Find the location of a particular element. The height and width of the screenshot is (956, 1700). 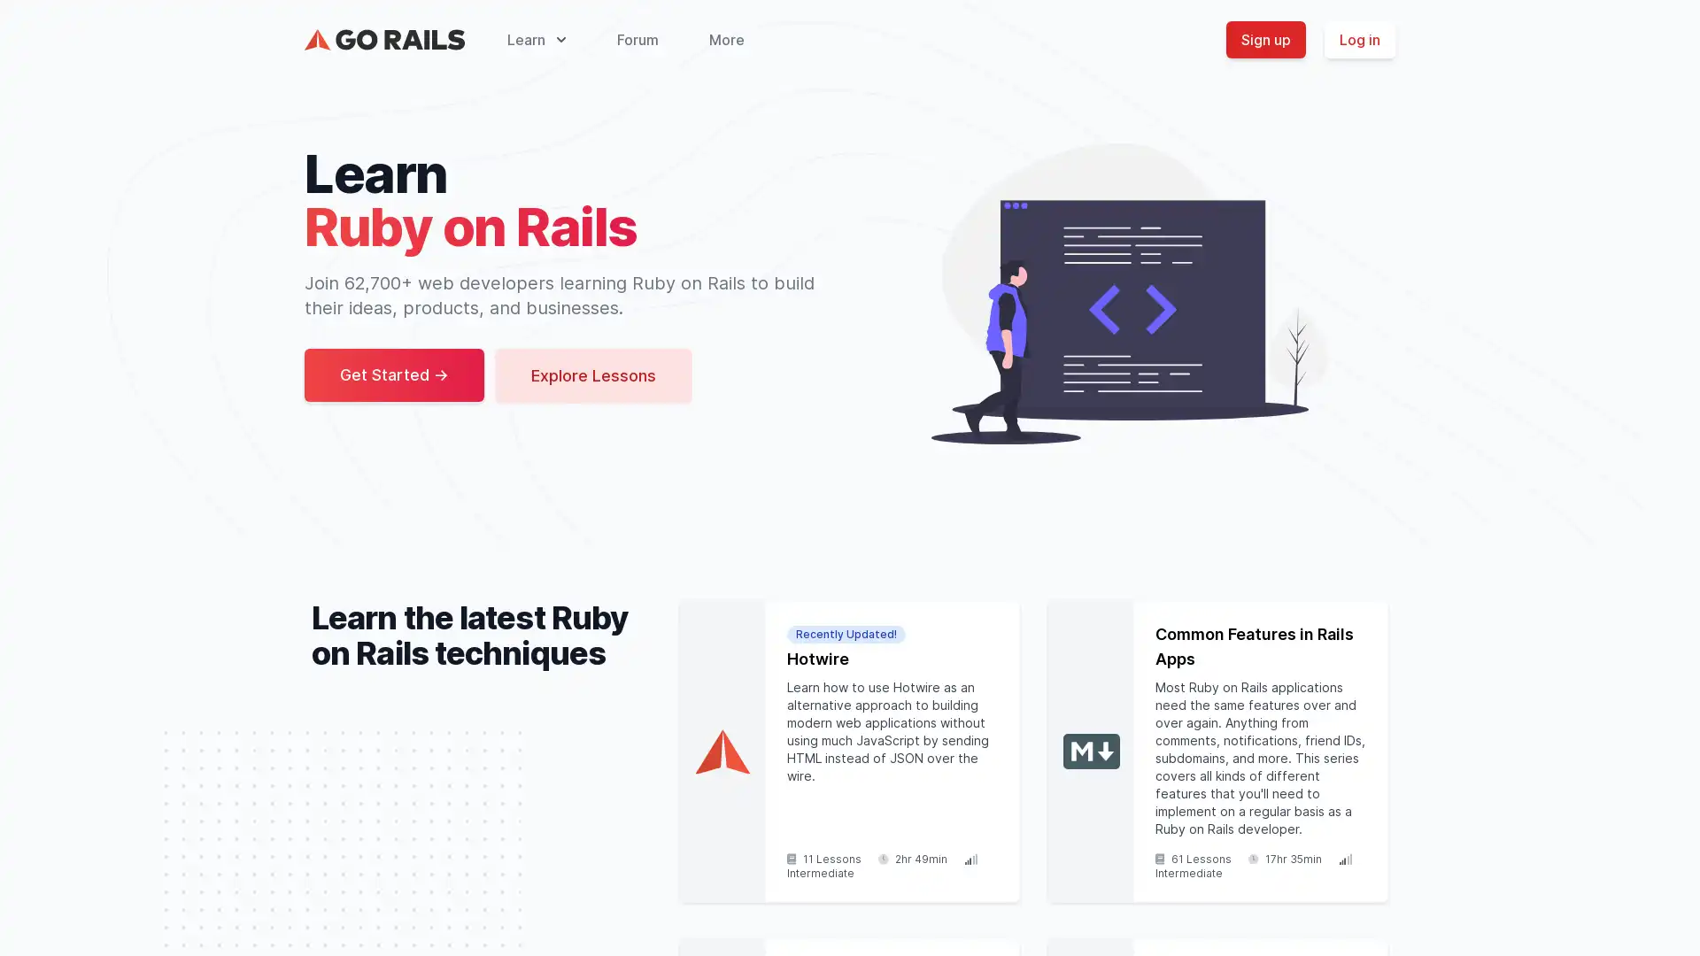

Learn is located at coordinates (537, 40).